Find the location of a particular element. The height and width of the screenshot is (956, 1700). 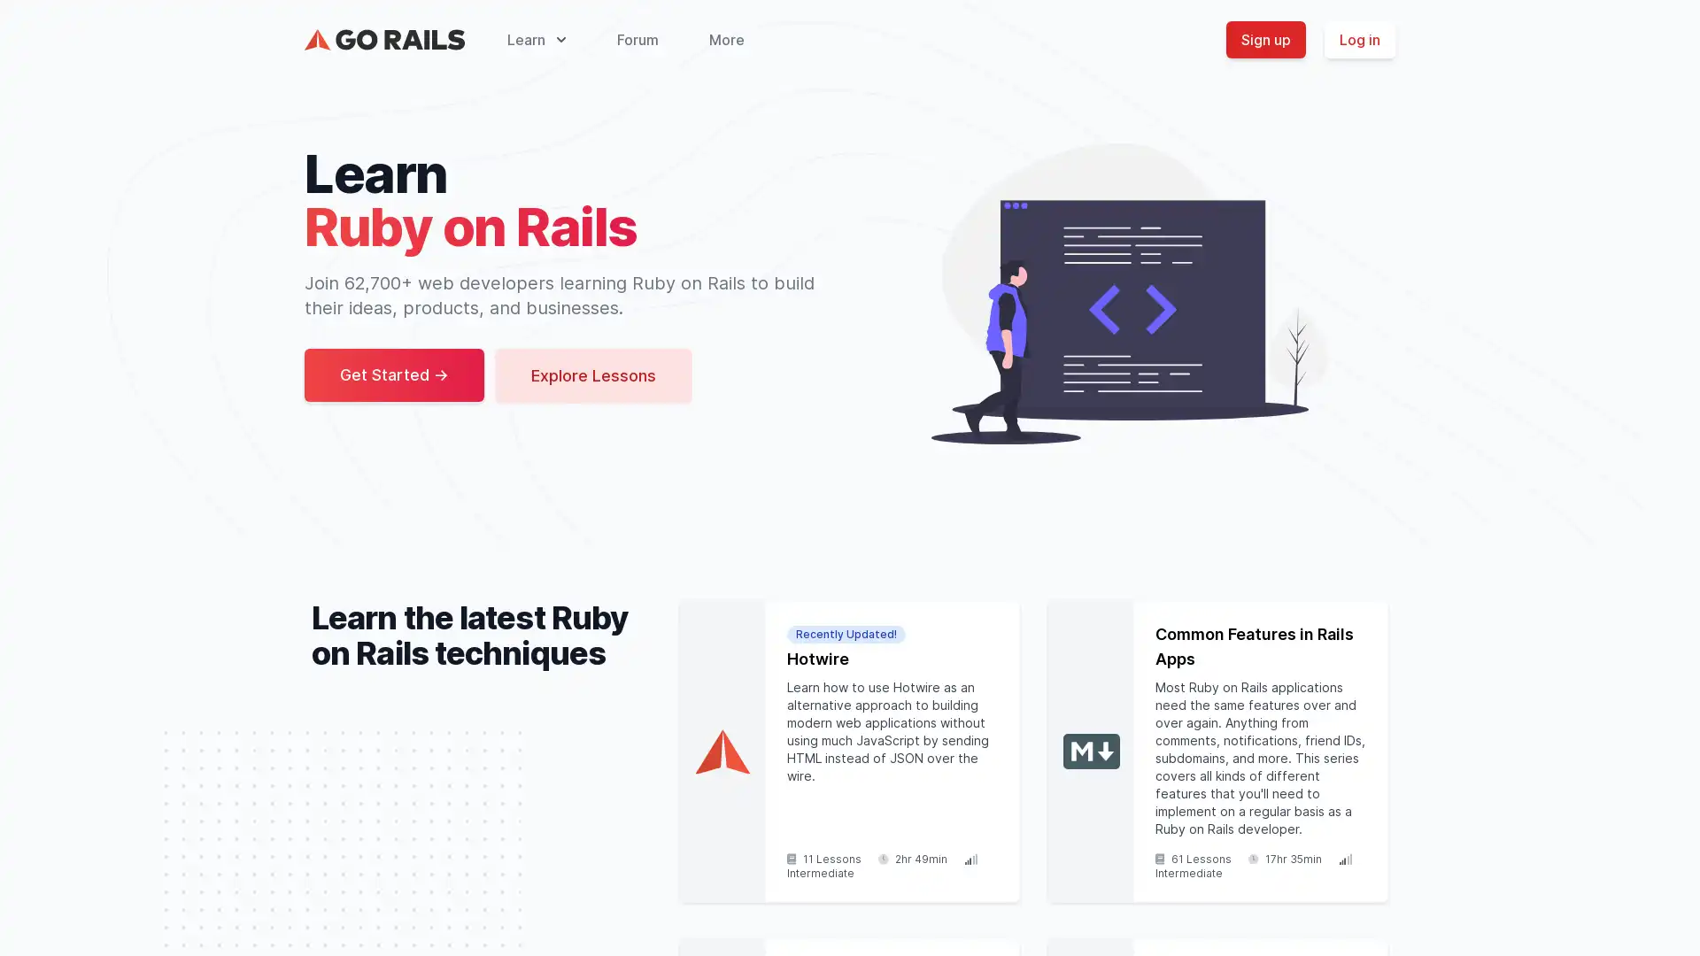

Learn is located at coordinates (537, 40).